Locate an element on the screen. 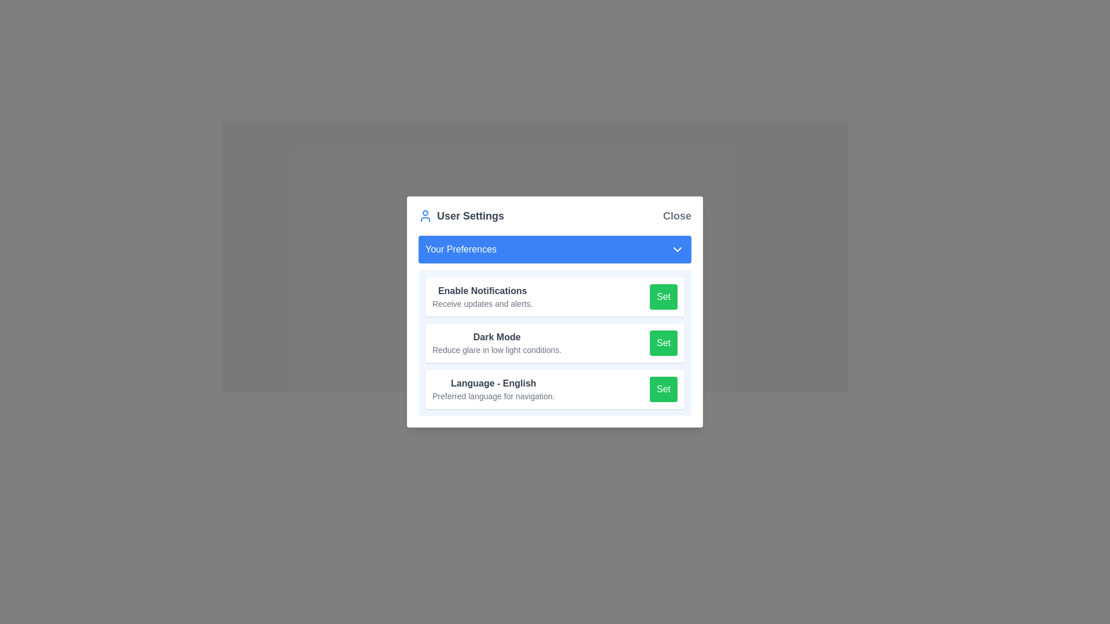 This screenshot has height=624, width=1110. the downwards-pointing chevron icon on the blue background is located at coordinates (677, 249).